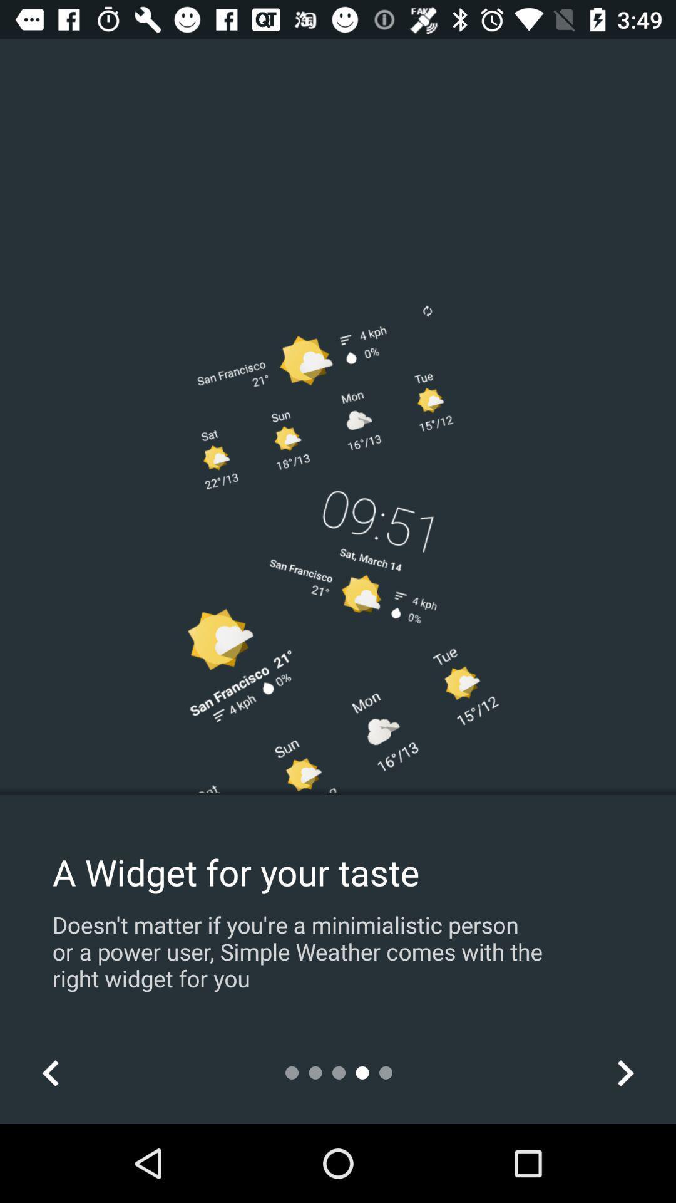  Describe the element at coordinates (625, 1072) in the screenshot. I see `icon at the bottom right corner` at that location.